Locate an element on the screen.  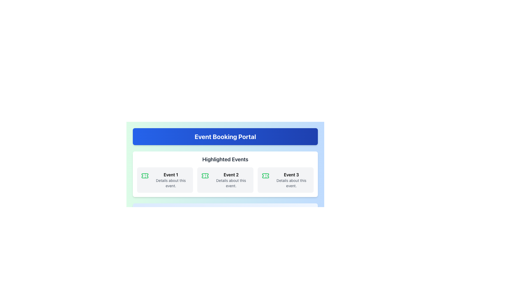
the graphical vector element that is a segment of the icon located near the label 'Event 1', part of a green ticket-like graphic is located at coordinates (145, 176).